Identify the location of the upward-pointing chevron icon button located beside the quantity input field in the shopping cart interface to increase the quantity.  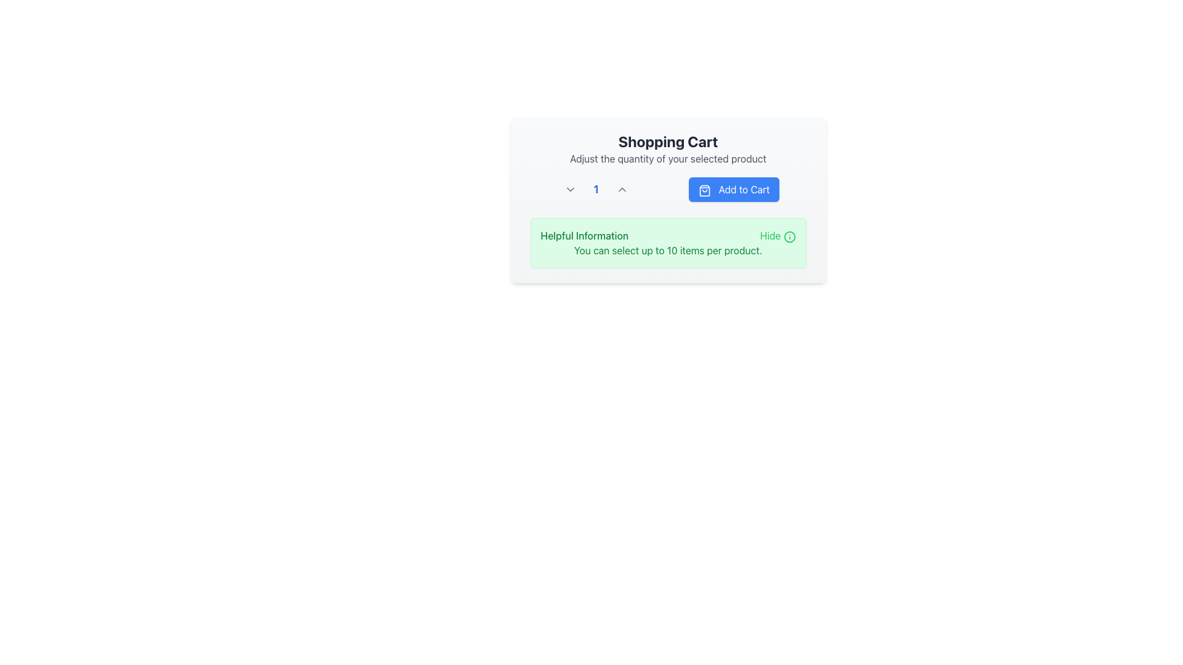
(622, 190).